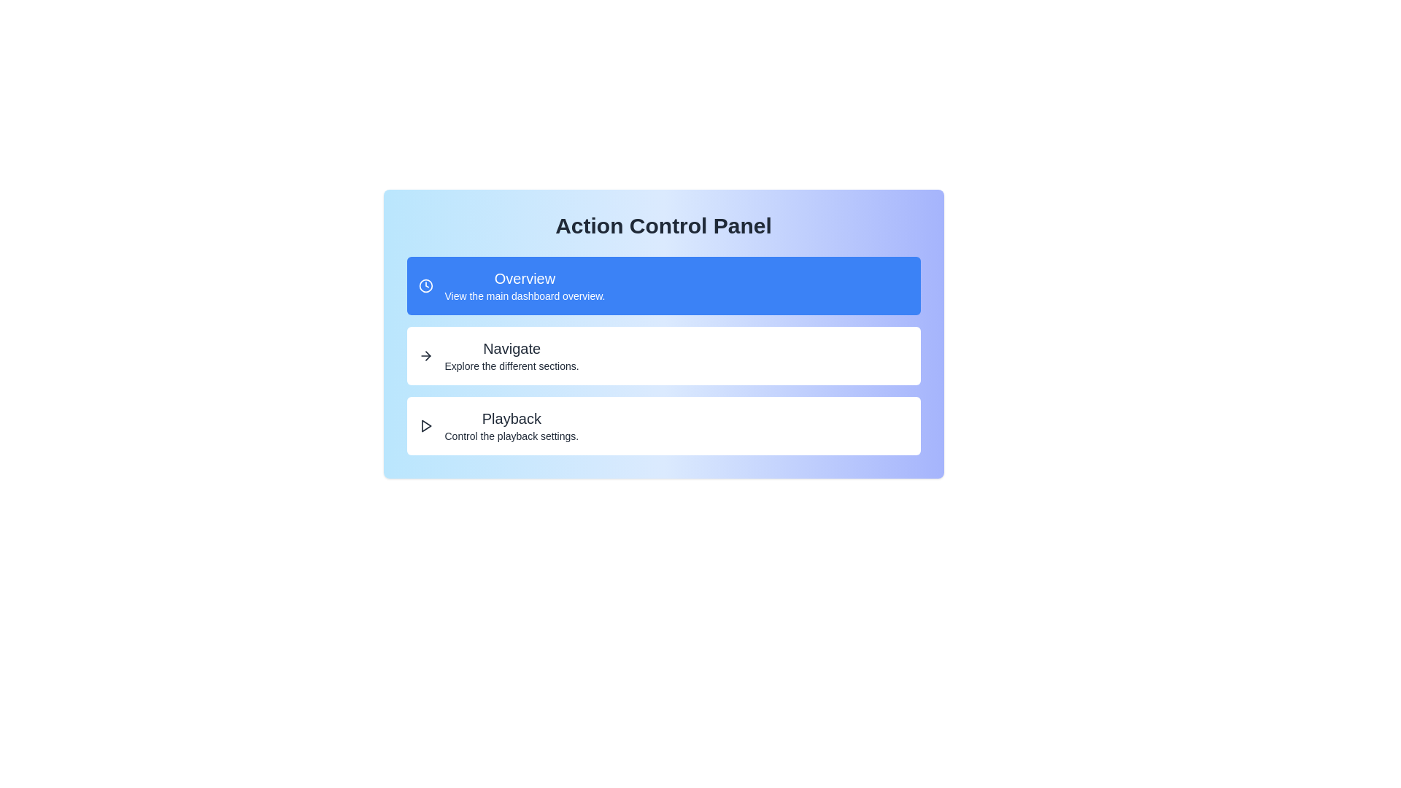 Image resolution: width=1401 pixels, height=788 pixels. Describe the element at coordinates (525, 295) in the screenshot. I see `the descriptive text label located below the 'Overview' title within the blue rectangular box in the top section of the interface` at that location.